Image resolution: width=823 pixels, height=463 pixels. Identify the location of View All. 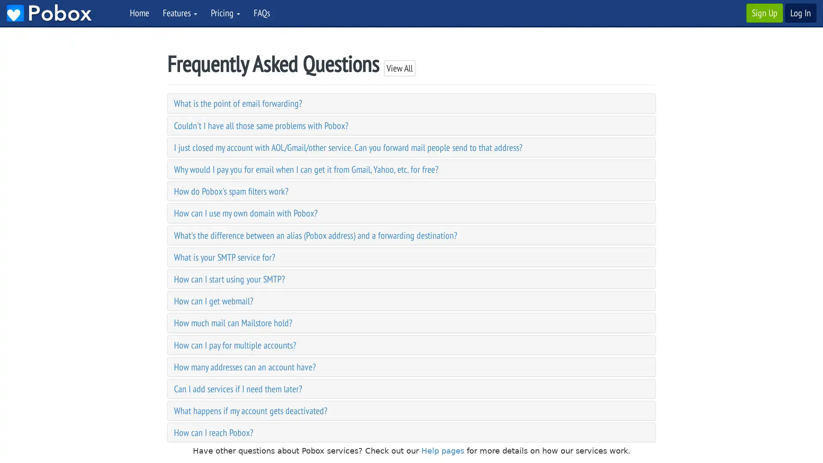
(399, 68).